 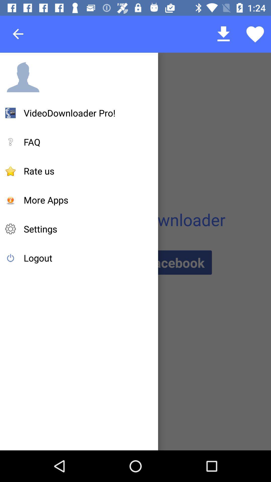 I want to click on the rate us item, so click(x=39, y=171).